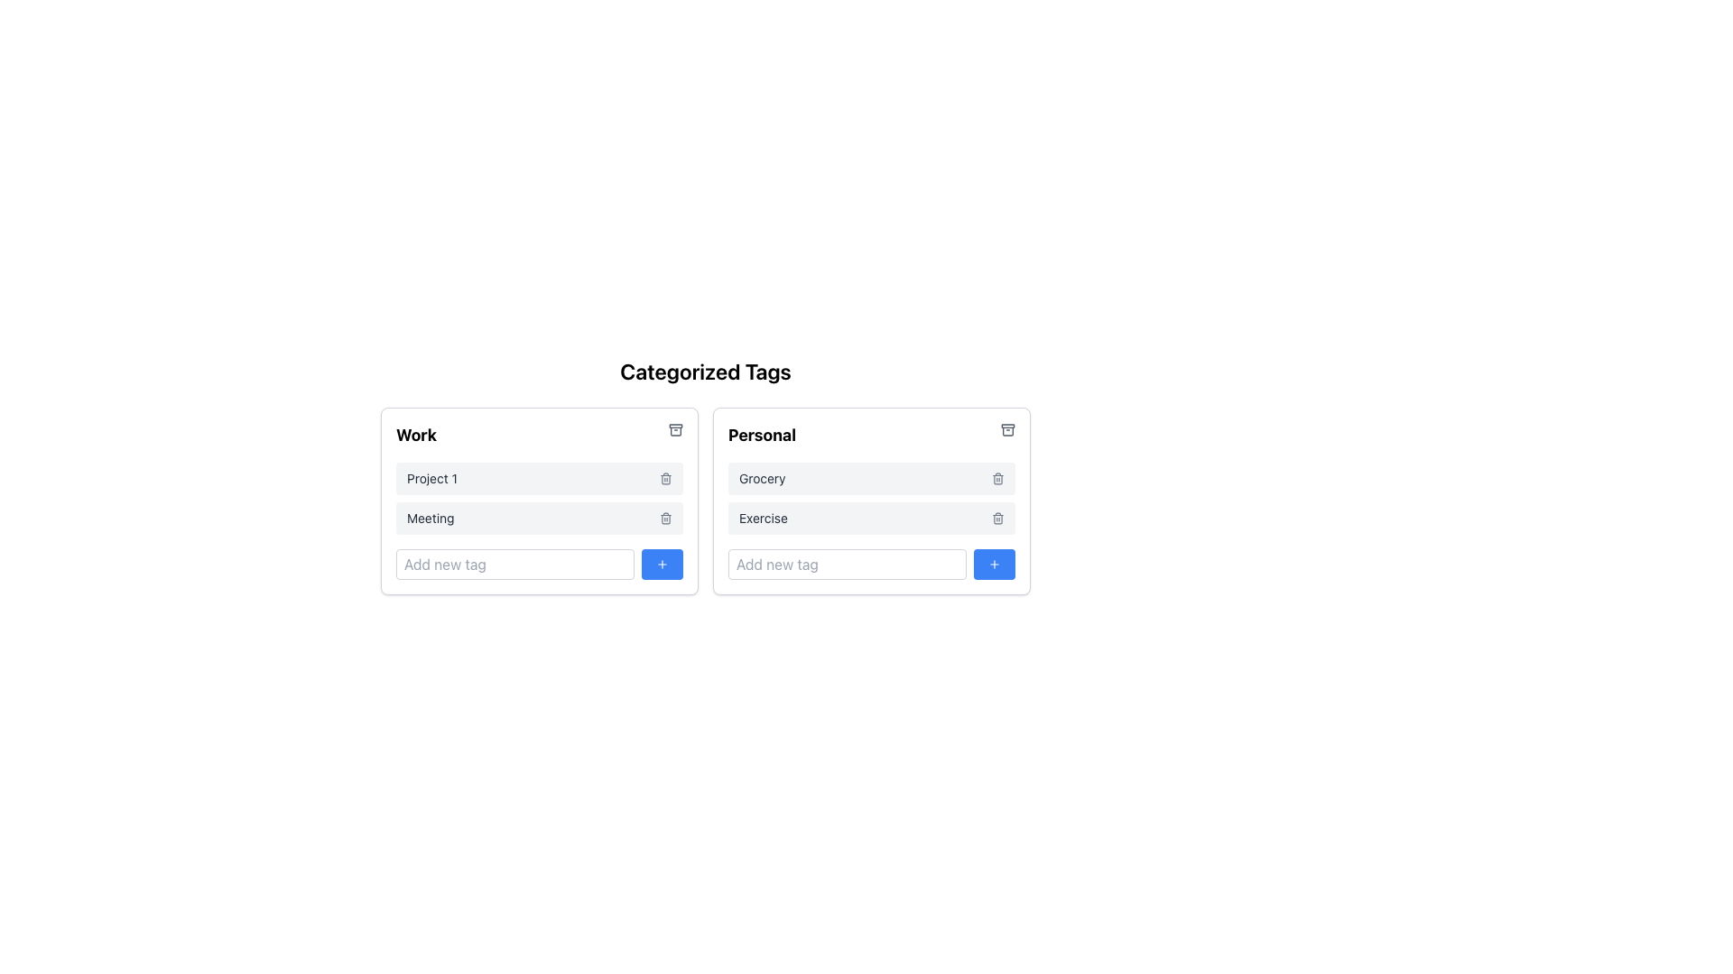 The width and height of the screenshot is (1733, 974). Describe the element at coordinates (996, 478) in the screenshot. I see `the trash bin icon located to the right of the 'Grocery' tag in the 'Personal' categorized list` at that location.